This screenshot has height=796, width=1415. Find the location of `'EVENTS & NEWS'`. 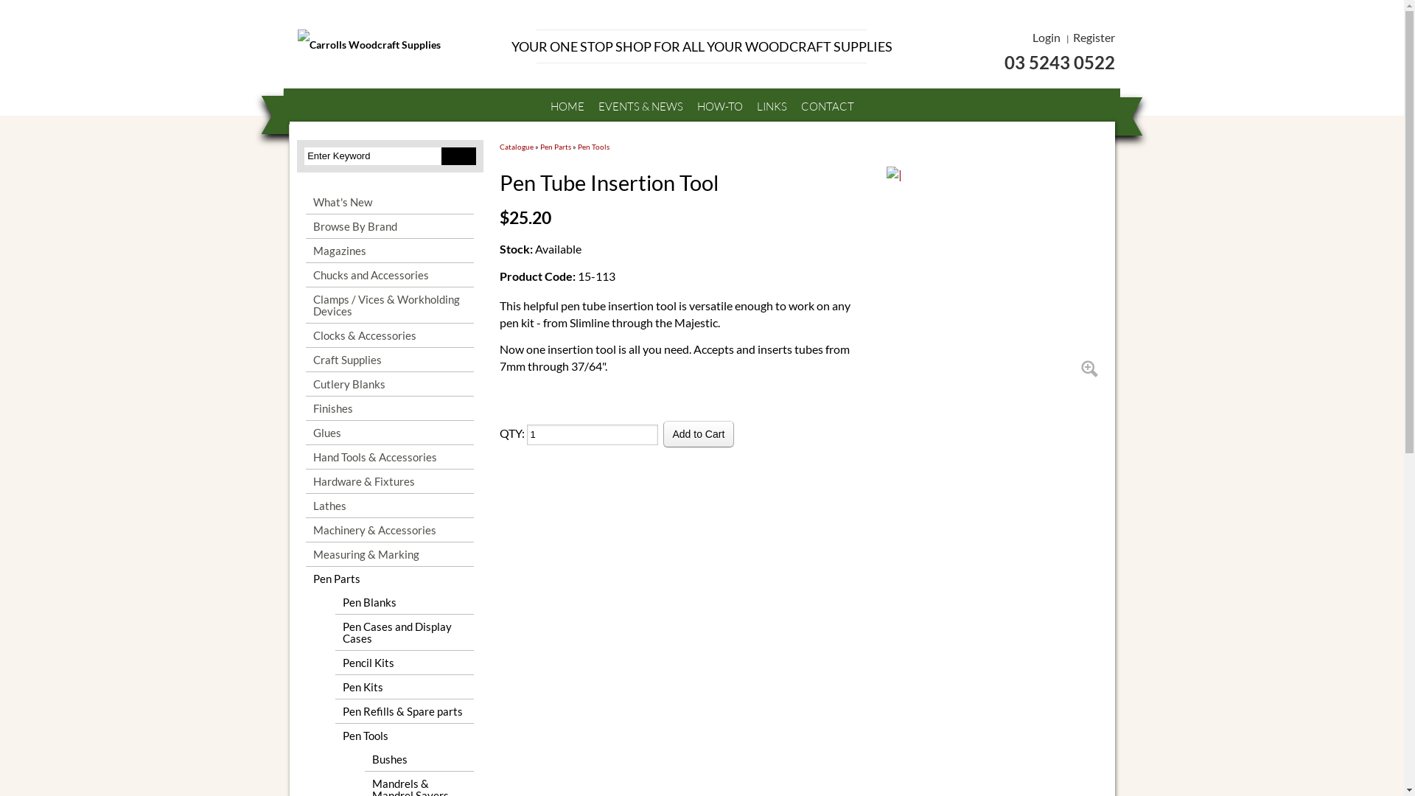

'EVENTS & NEWS' is located at coordinates (640, 105).